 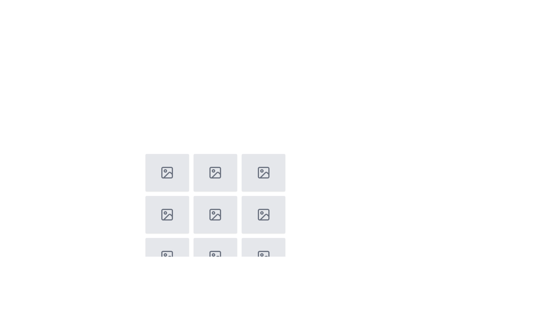 What do you see at coordinates (263, 256) in the screenshot?
I see `the bottom-right SVG rectangle icon in the 3x3 grid` at bounding box center [263, 256].